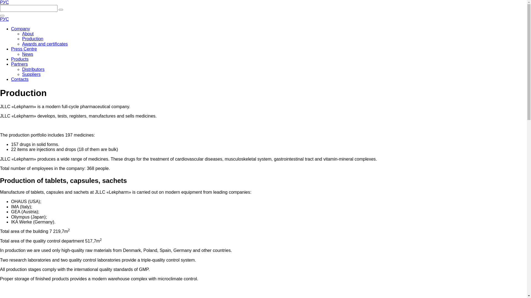  What do you see at coordinates (20, 29) in the screenshot?
I see `'Company'` at bounding box center [20, 29].